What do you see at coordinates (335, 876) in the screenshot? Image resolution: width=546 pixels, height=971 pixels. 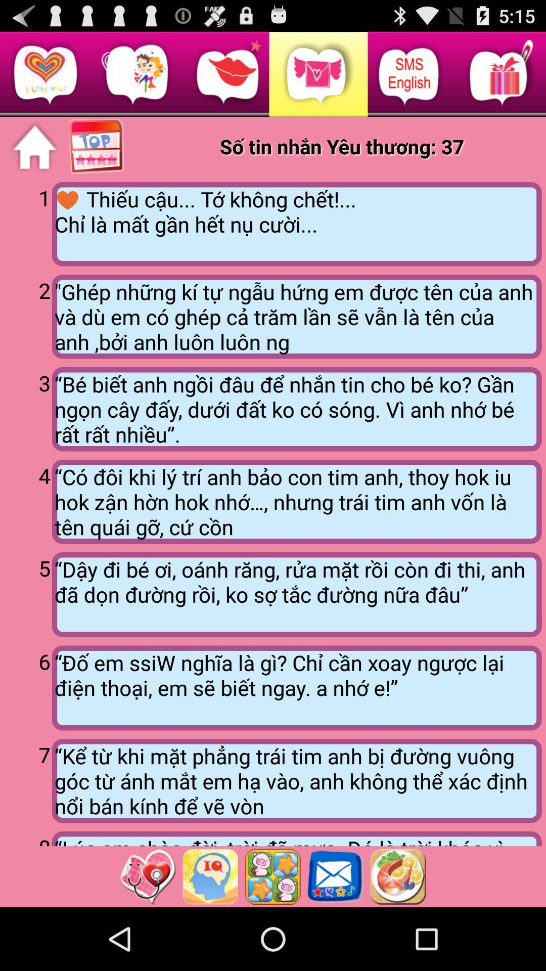 I see `mail` at bounding box center [335, 876].